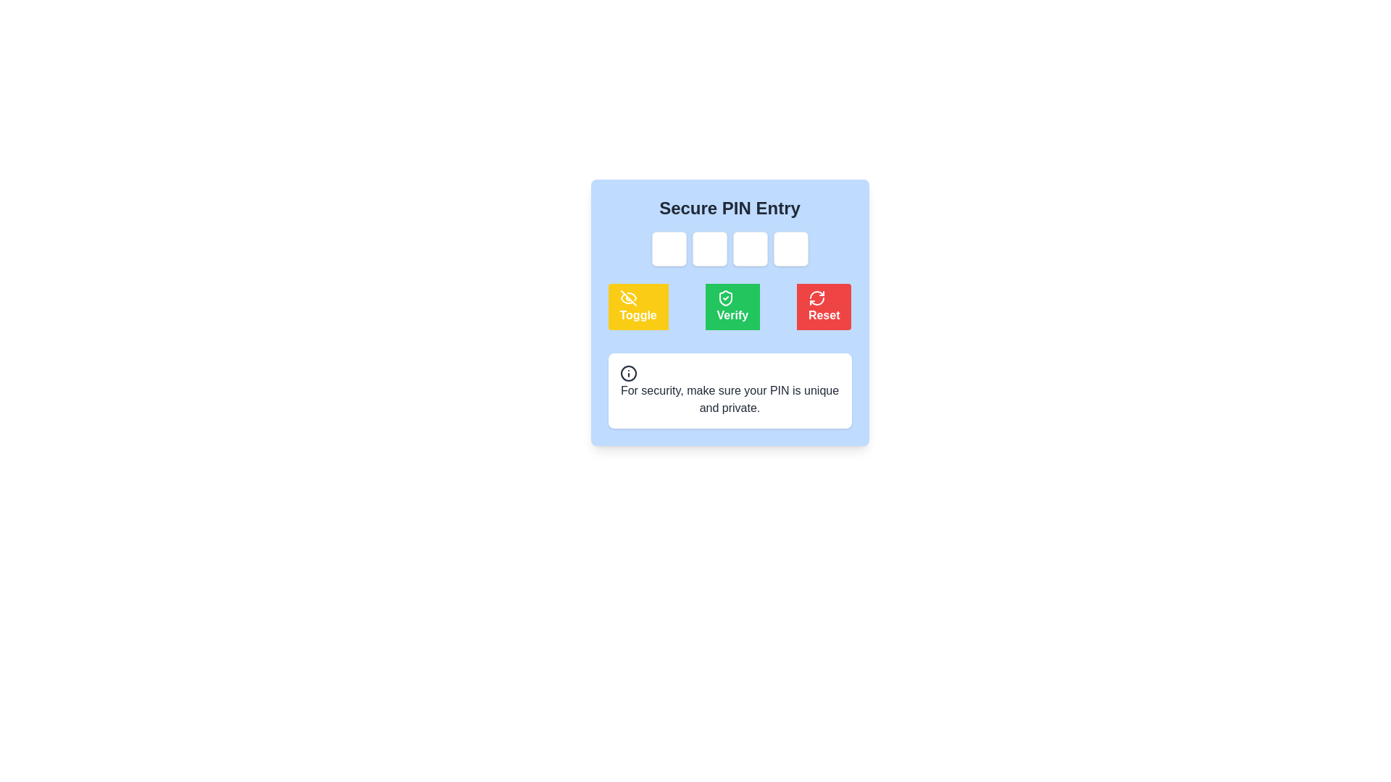 The width and height of the screenshot is (1391, 782). What do you see at coordinates (628, 298) in the screenshot?
I see `the crossed-eye icon within the 'Toggle' button group on the PIN entry interface to obscure or reveal sensitive information` at bounding box center [628, 298].